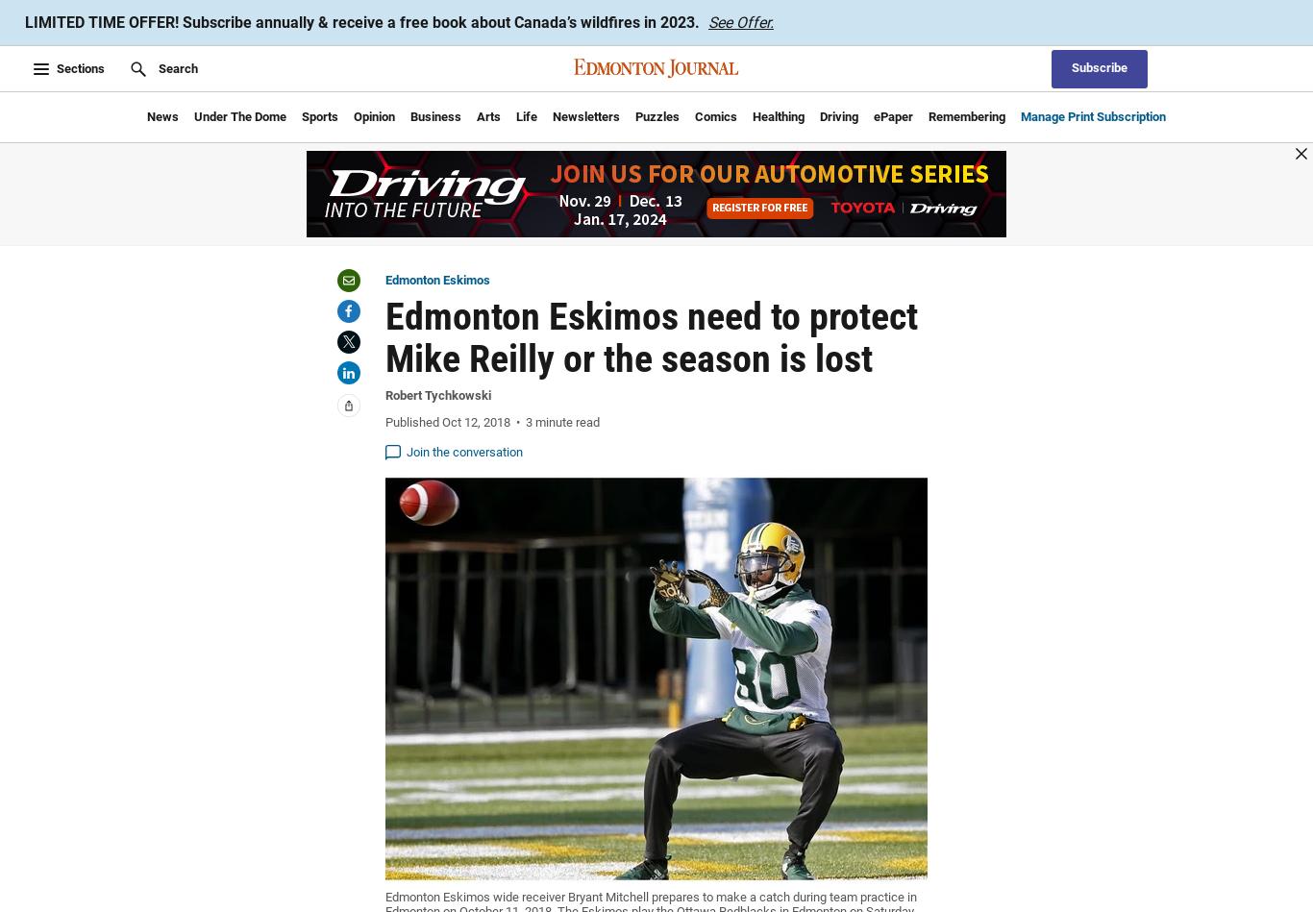 Image resolution: width=1313 pixels, height=912 pixels. What do you see at coordinates (967, 115) in the screenshot?
I see `'Remembering'` at bounding box center [967, 115].